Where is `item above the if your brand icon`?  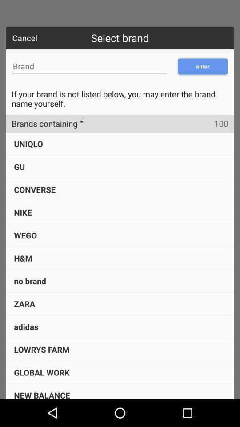
item above the if your brand icon is located at coordinates (90, 66).